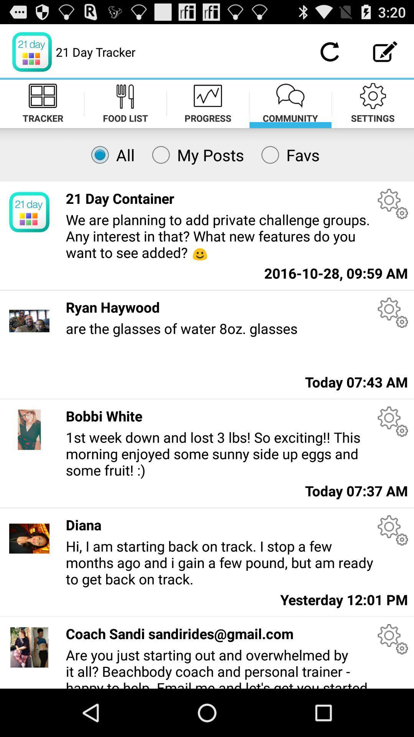 This screenshot has width=414, height=737. I want to click on settings, so click(393, 204).